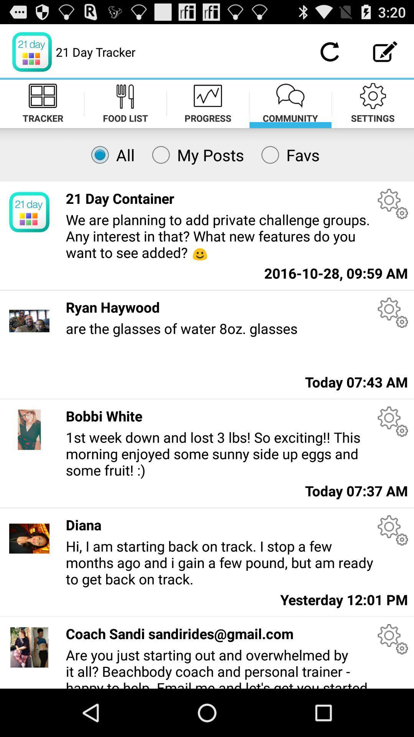 This screenshot has width=414, height=737. I want to click on settings, so click(393, 204).